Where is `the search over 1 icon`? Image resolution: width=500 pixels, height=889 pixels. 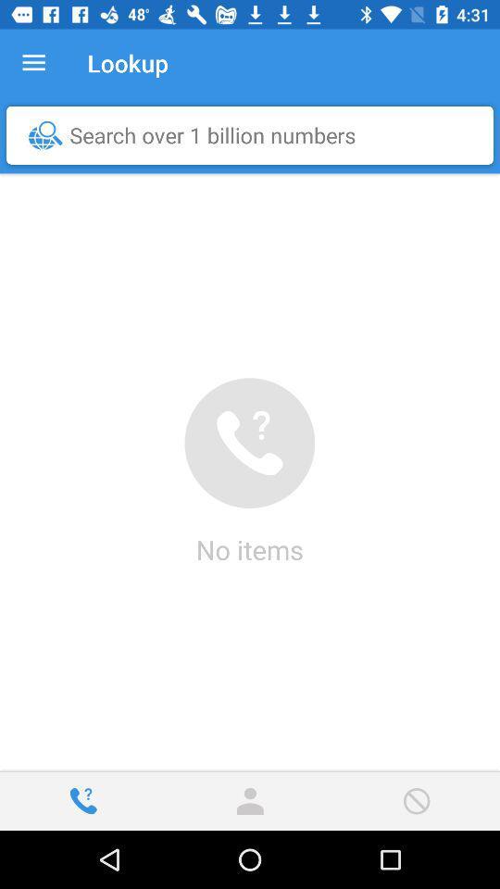 the search over 1 icon is located at coordinates (254, 134).